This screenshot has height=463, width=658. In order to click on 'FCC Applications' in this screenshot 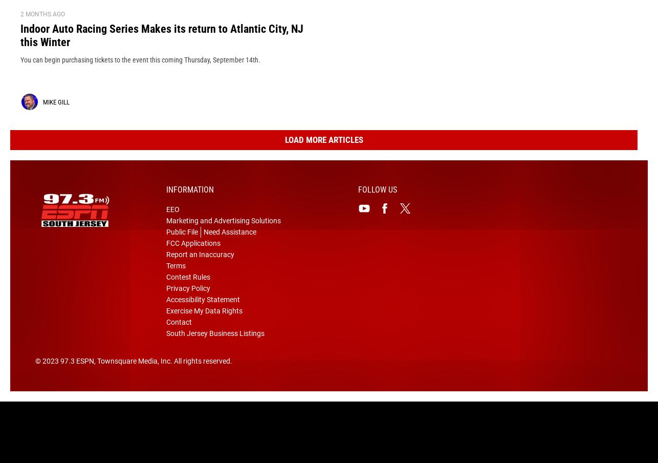, I will do `click(192, 259)`.